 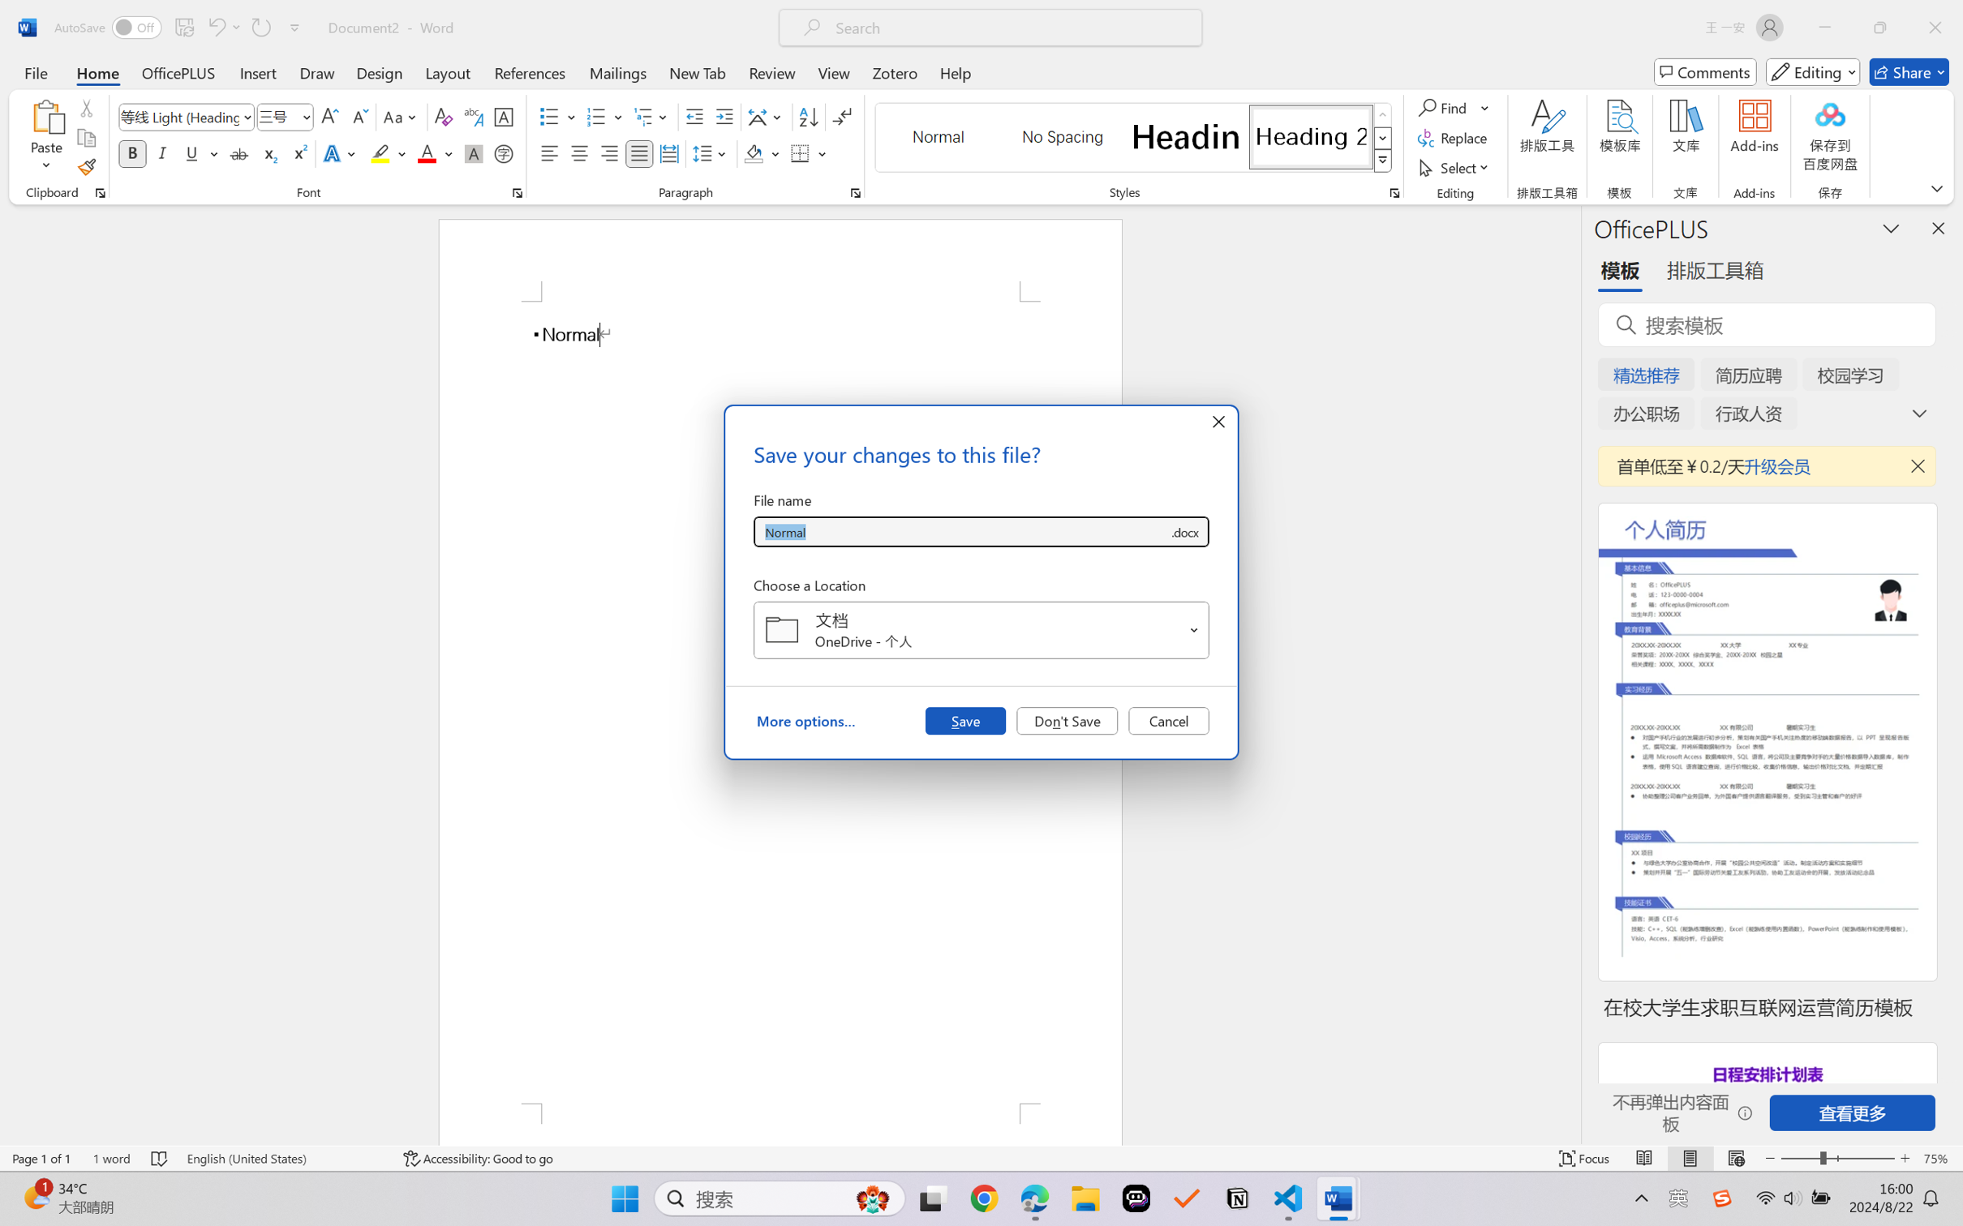 What do you see at coordinates (652, 117) in the screenshot?
I see `'Multilevel List'` at bounding box center [652, 117].